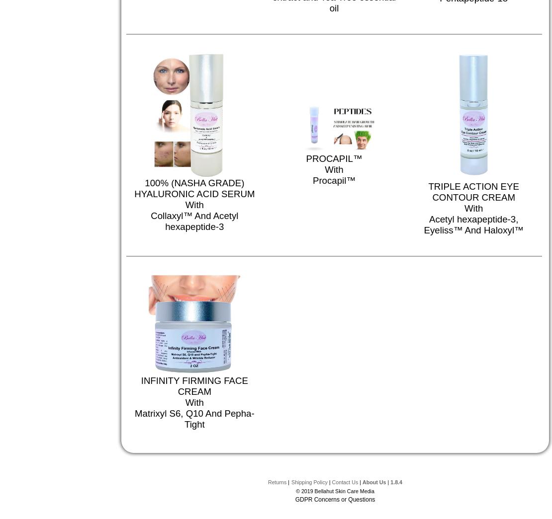  What do you see at coordinates (405, 11) in the screenshot?
I see `'I like retinol but it irritates my skin. I found this serum to be even better and in addition not sticky like some retinol serums. It really tightens up my skin and I am noticing my jawline is much more prominent. JUST LOVING IT!'` at bounding box center [405, 11].